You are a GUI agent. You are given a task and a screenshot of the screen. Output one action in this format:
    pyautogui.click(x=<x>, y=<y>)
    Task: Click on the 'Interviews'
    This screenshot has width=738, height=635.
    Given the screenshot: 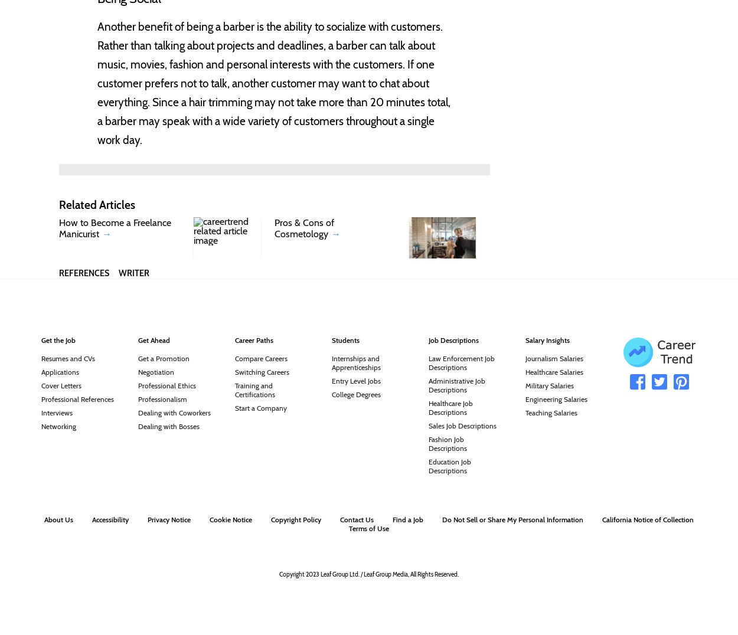 What is the action you would take?
    pyautogui.click(x=55, y=413)
    